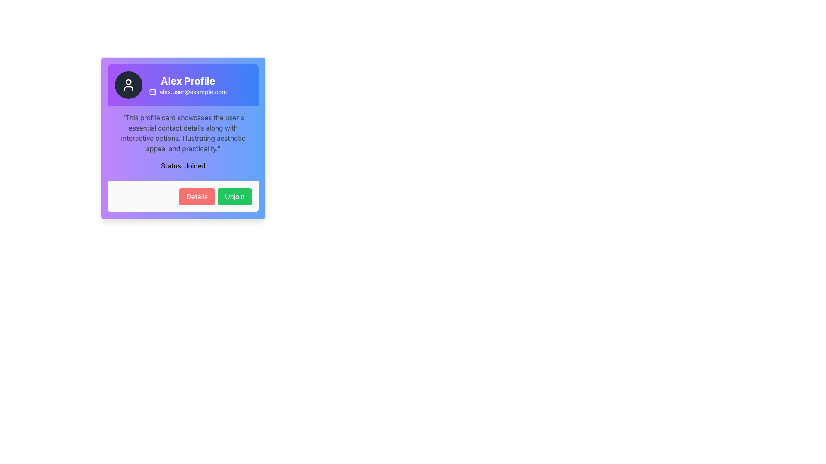 The height and width of the screenshot is (464, 826). Describe the element at coordinates (128, 82) in the screenshot. I see `SVG circle element representing the user avatar located at the top-left quadrant of the profile card, above the user name and email information` at that location.